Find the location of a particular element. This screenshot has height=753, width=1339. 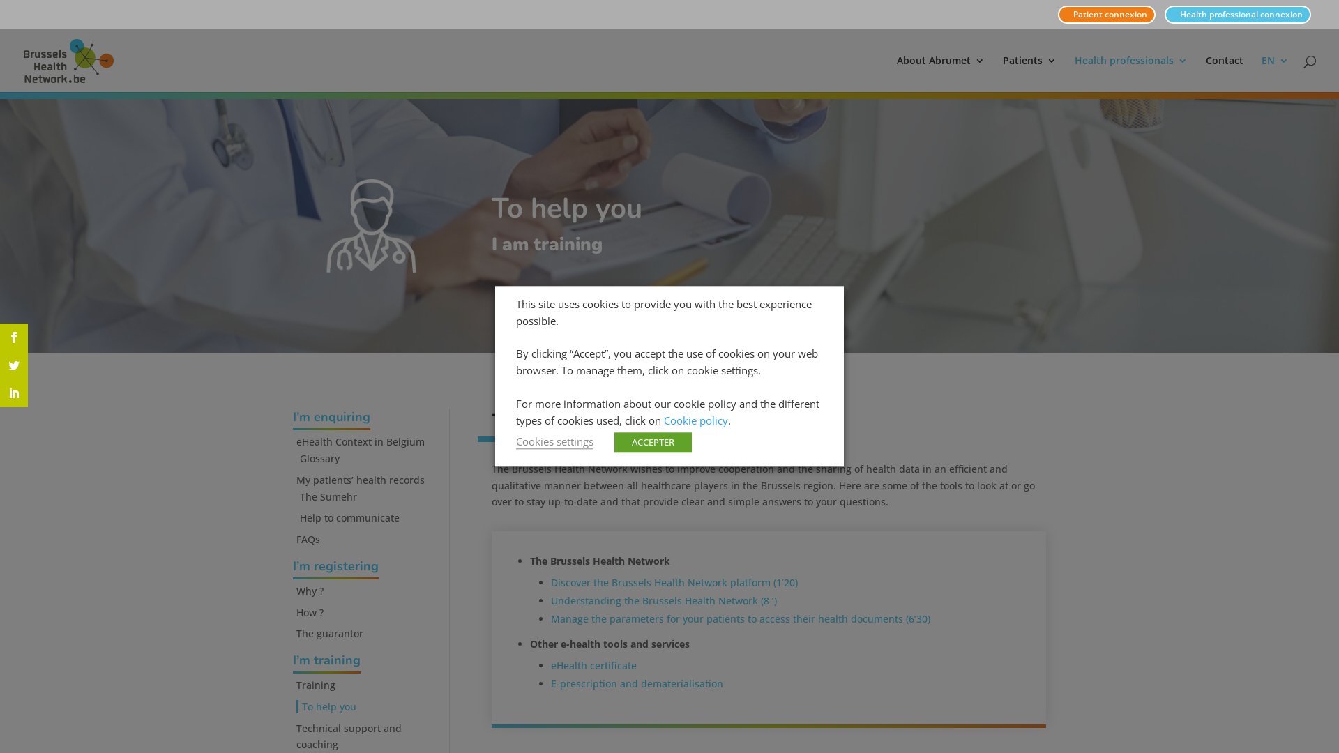

'How ?' is located at coordinates (296, 611).